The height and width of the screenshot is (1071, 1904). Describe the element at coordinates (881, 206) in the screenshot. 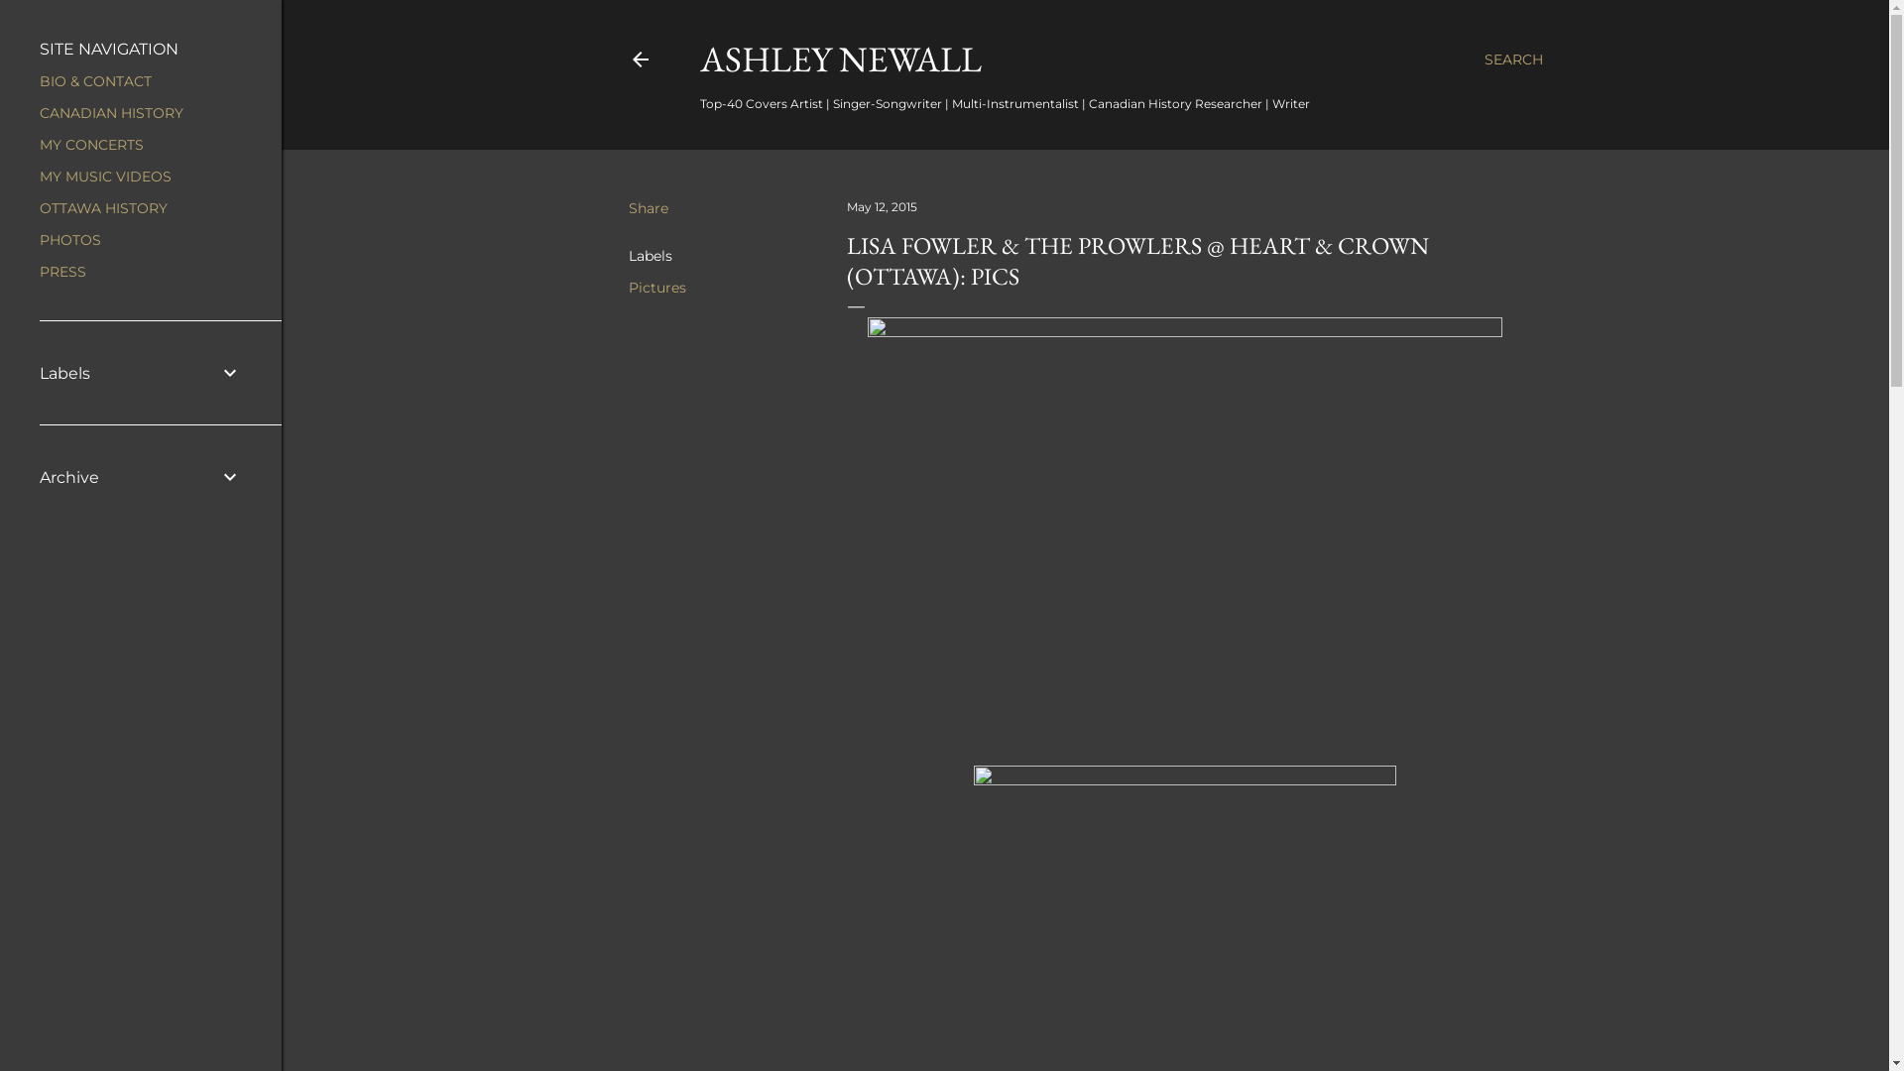

I see `'May 12, 2015'` at that location.